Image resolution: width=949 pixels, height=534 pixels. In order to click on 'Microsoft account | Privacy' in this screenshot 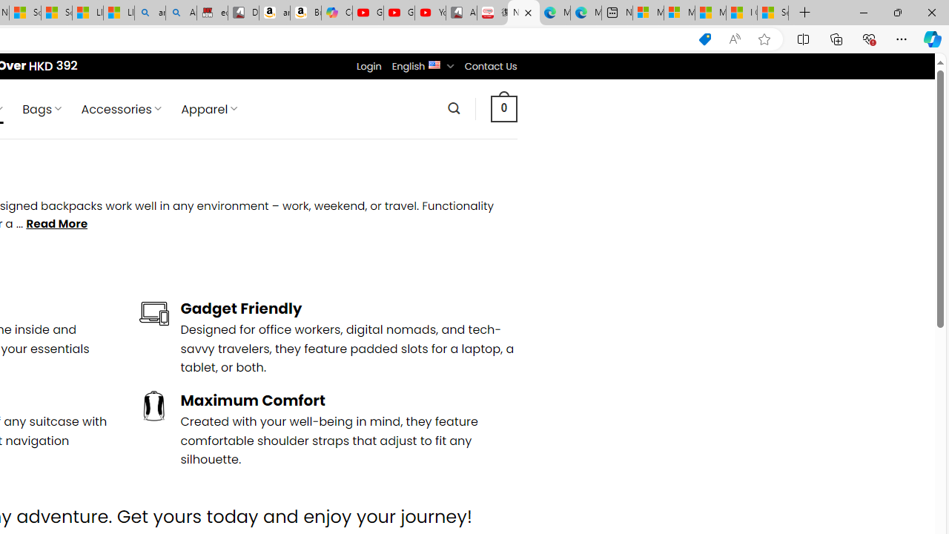, I will do `click(678, 13)`.